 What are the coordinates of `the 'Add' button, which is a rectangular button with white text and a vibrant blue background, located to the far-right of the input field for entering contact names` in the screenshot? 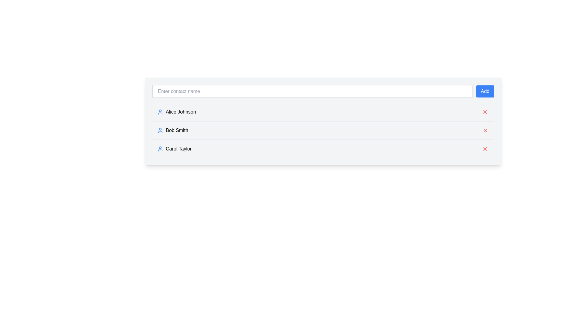 It's located at (485, 91).